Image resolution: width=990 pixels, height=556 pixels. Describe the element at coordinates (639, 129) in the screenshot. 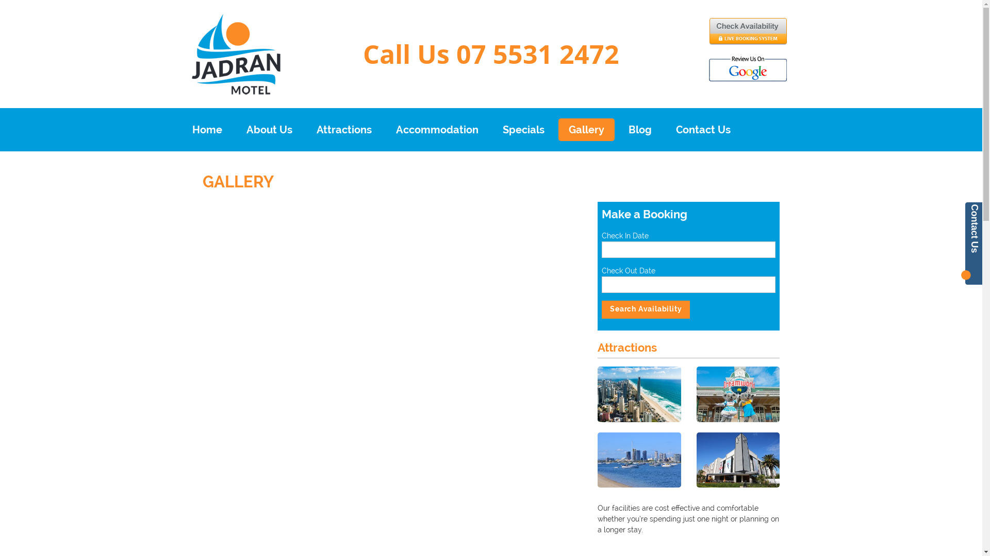

I see `'Blog'` at that location.